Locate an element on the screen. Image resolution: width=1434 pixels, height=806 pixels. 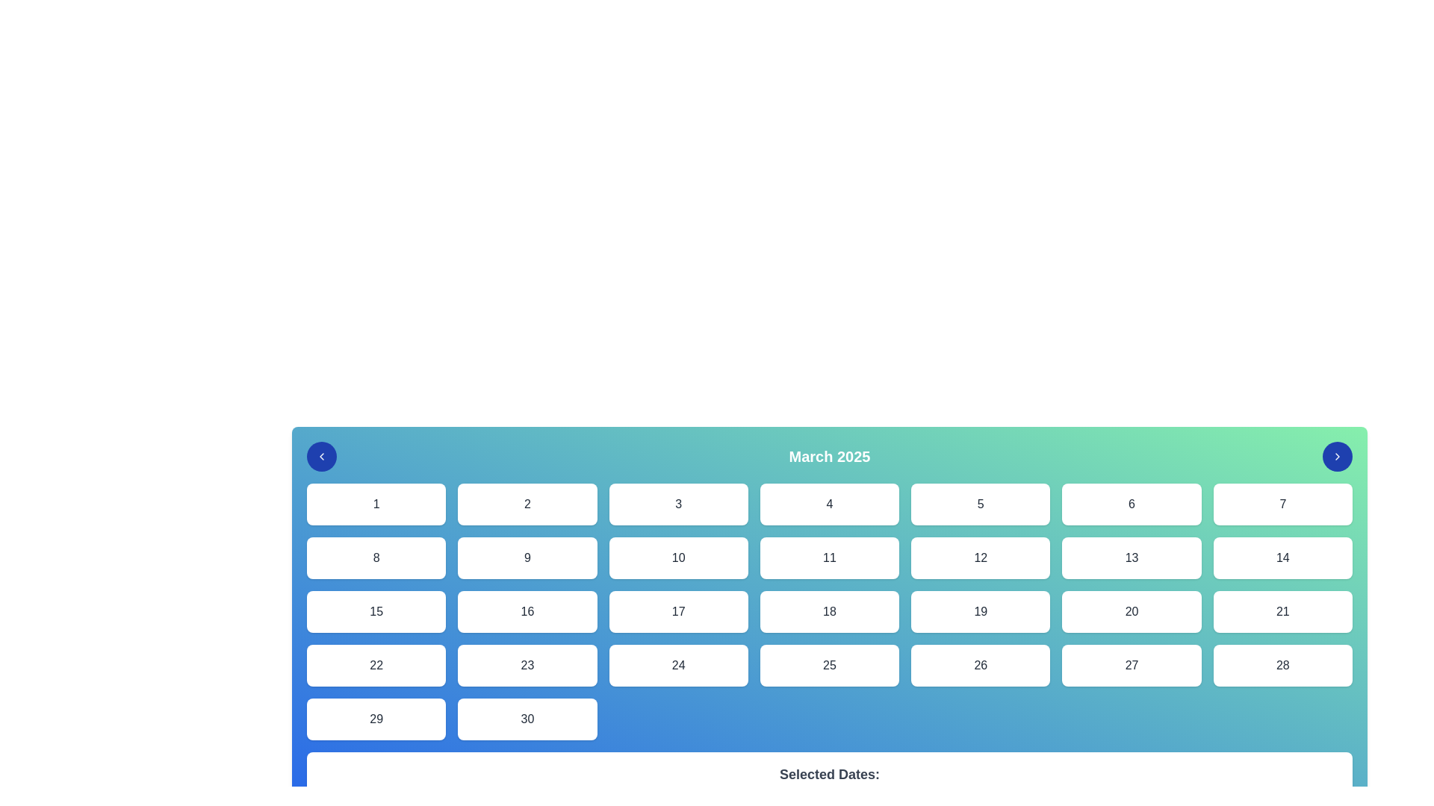
the bold text label that reads 'Selected Dates:' which is positioned at the bottom of the interface, directly below the calendar grid is located at coordinates (828, 773).